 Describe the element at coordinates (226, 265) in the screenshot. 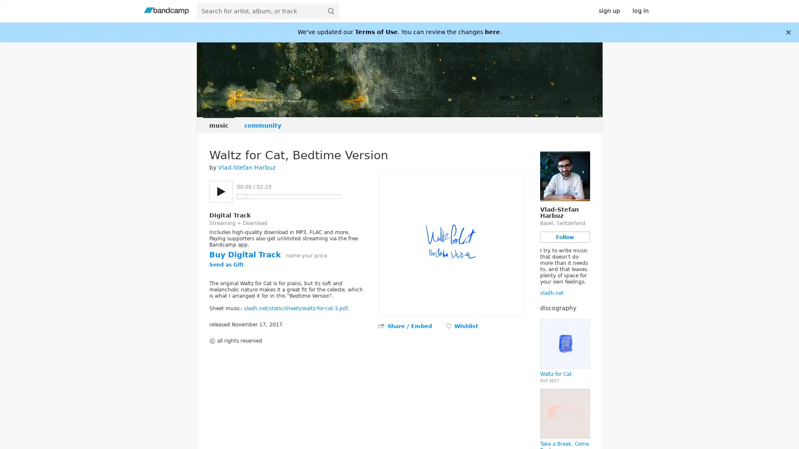

I see `Send as Gift` at that location.